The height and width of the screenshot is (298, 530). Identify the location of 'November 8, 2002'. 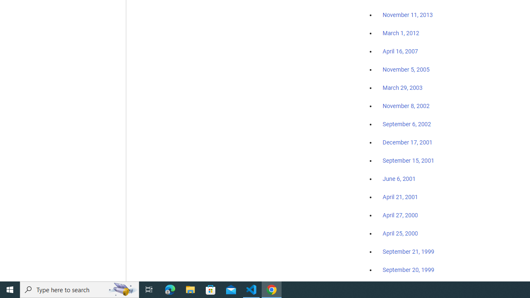
(406, 106).